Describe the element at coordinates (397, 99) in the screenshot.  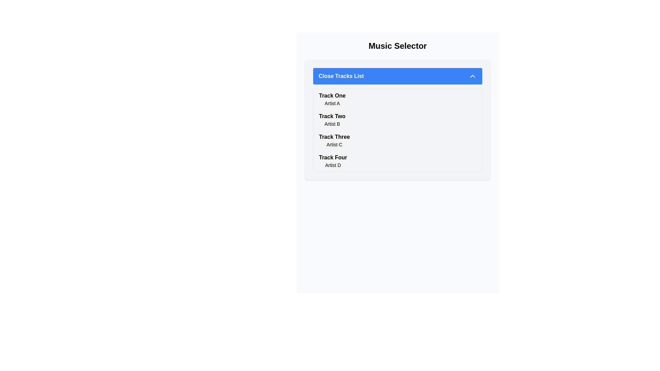
I see `the first List item displaying track information, located directly below the 'Close Tracks List' button` at that location.